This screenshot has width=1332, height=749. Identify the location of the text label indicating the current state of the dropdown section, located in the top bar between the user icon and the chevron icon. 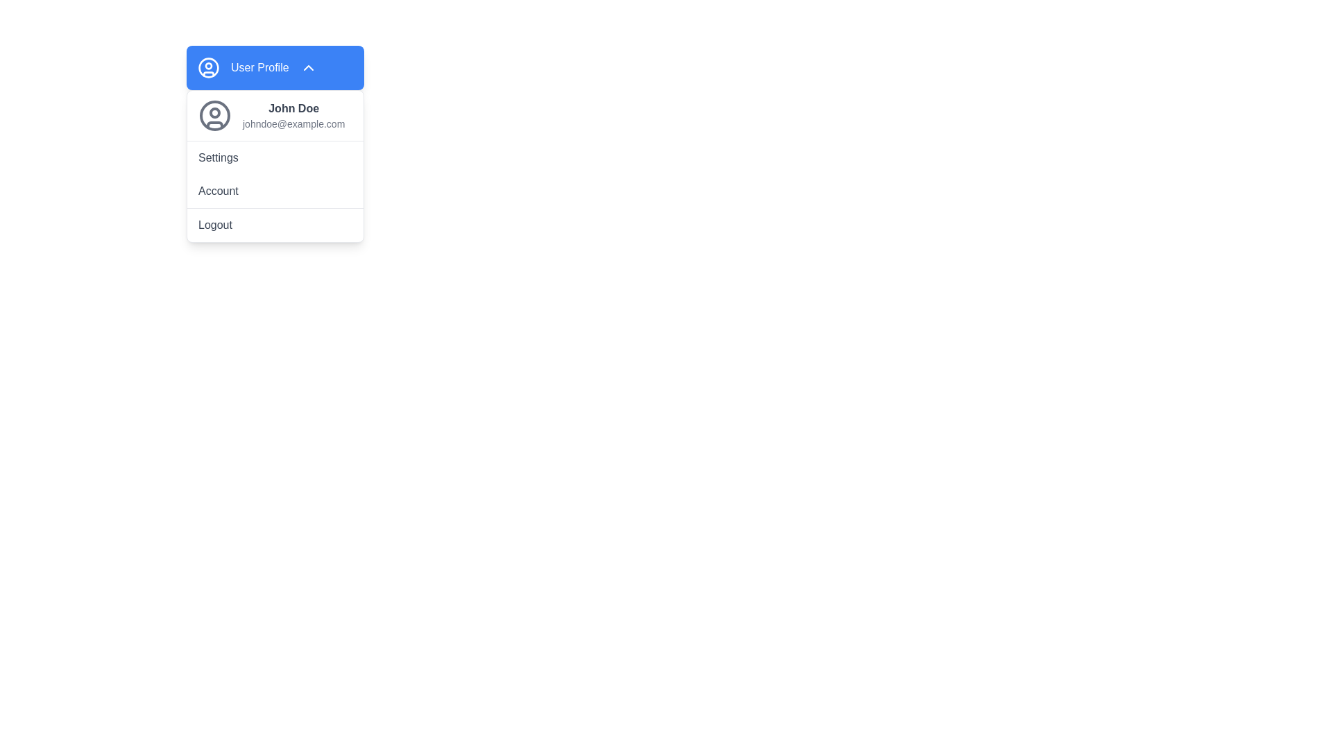
(259, 67).